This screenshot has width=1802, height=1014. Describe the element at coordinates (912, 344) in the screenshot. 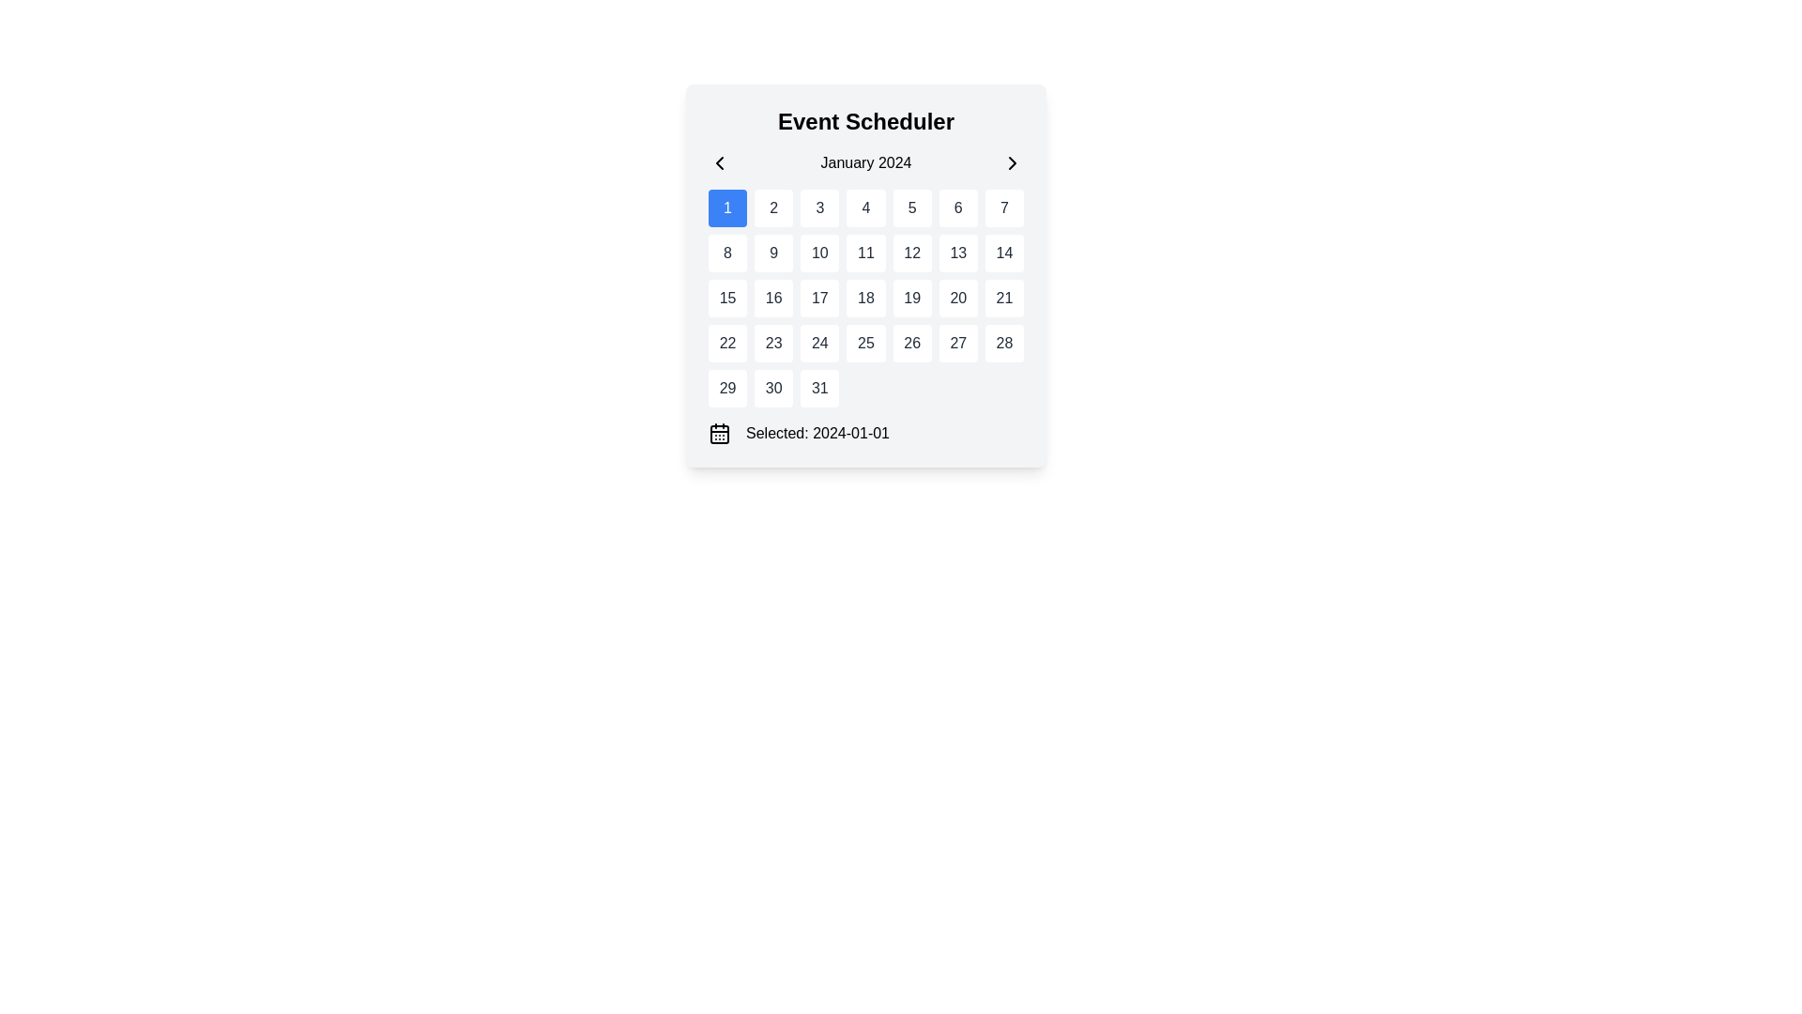

I see `the Label displaying the day '26' in the calendar, located in the last row of the grid and the 5th box from the left` at that location.